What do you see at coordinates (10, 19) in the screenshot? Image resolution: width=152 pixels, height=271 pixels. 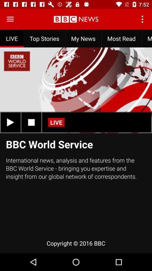 I see `menu` at bounding box center [10, 19].